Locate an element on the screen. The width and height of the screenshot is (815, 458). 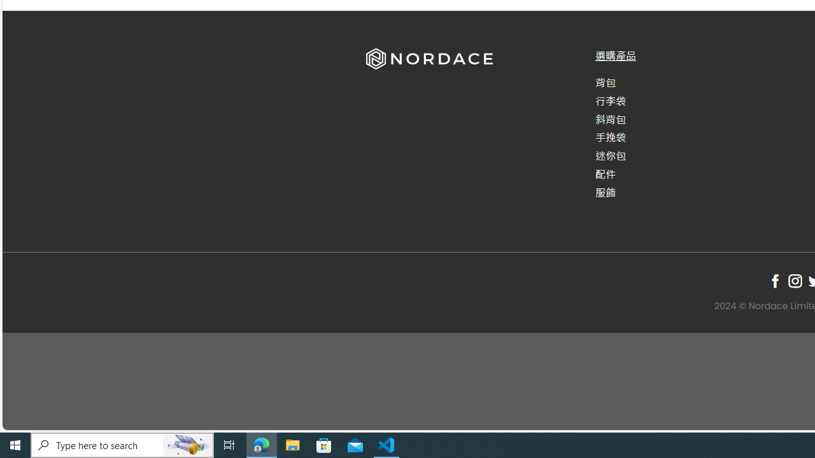
'Follow on Instagram' is located at coordinates (794, 280).